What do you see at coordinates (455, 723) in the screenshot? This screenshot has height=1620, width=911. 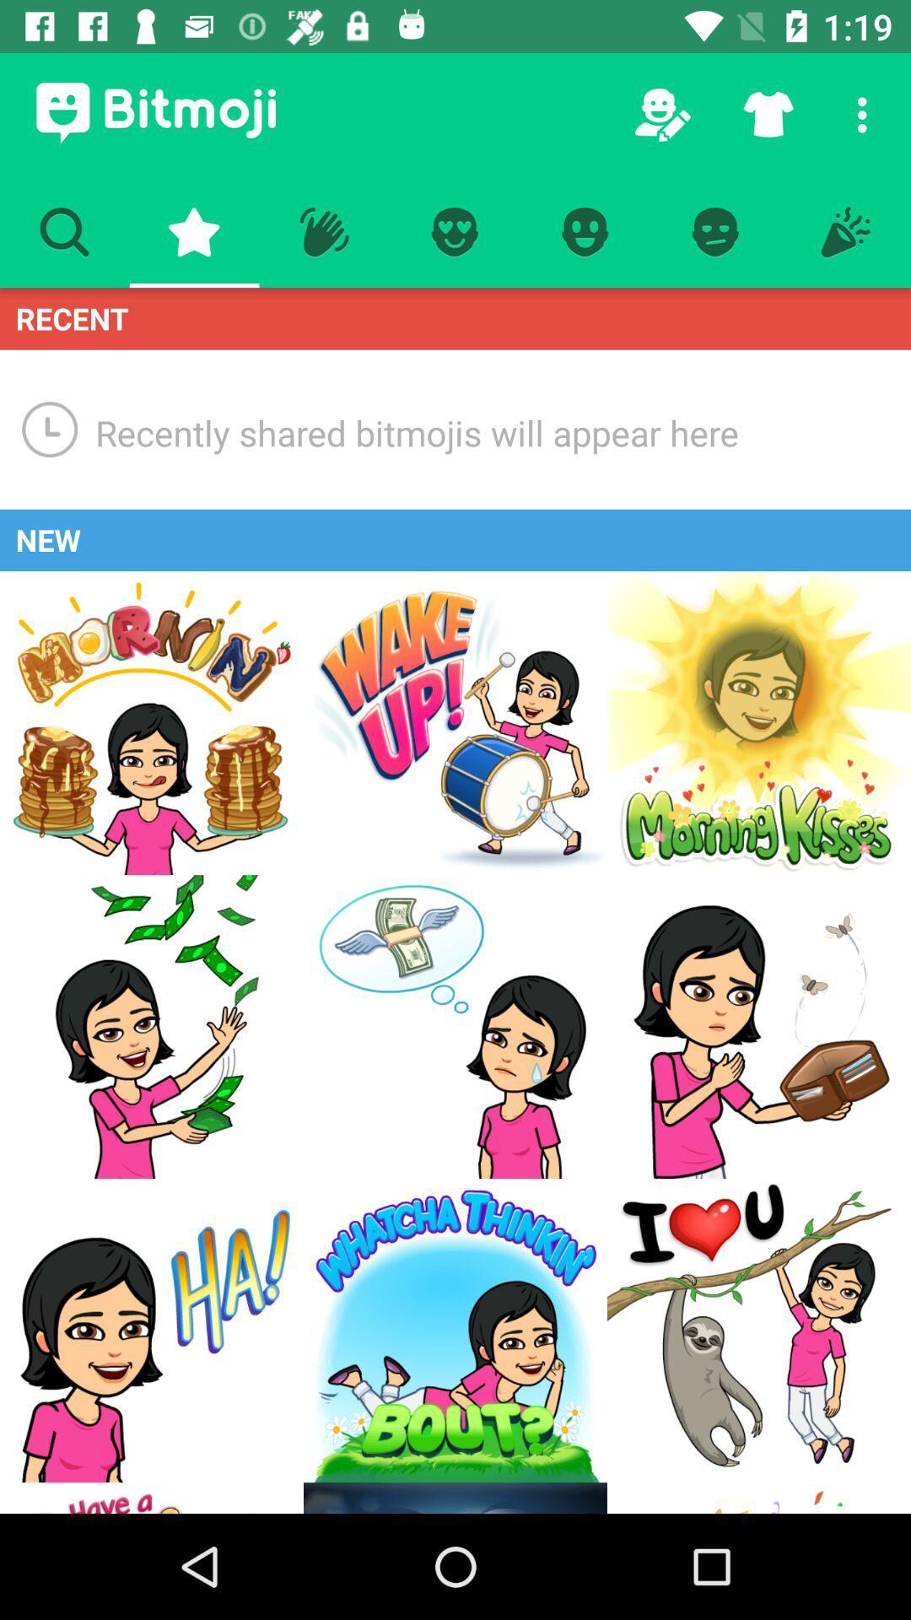 I see `wake up emoji` at bounding box center [455, 723].